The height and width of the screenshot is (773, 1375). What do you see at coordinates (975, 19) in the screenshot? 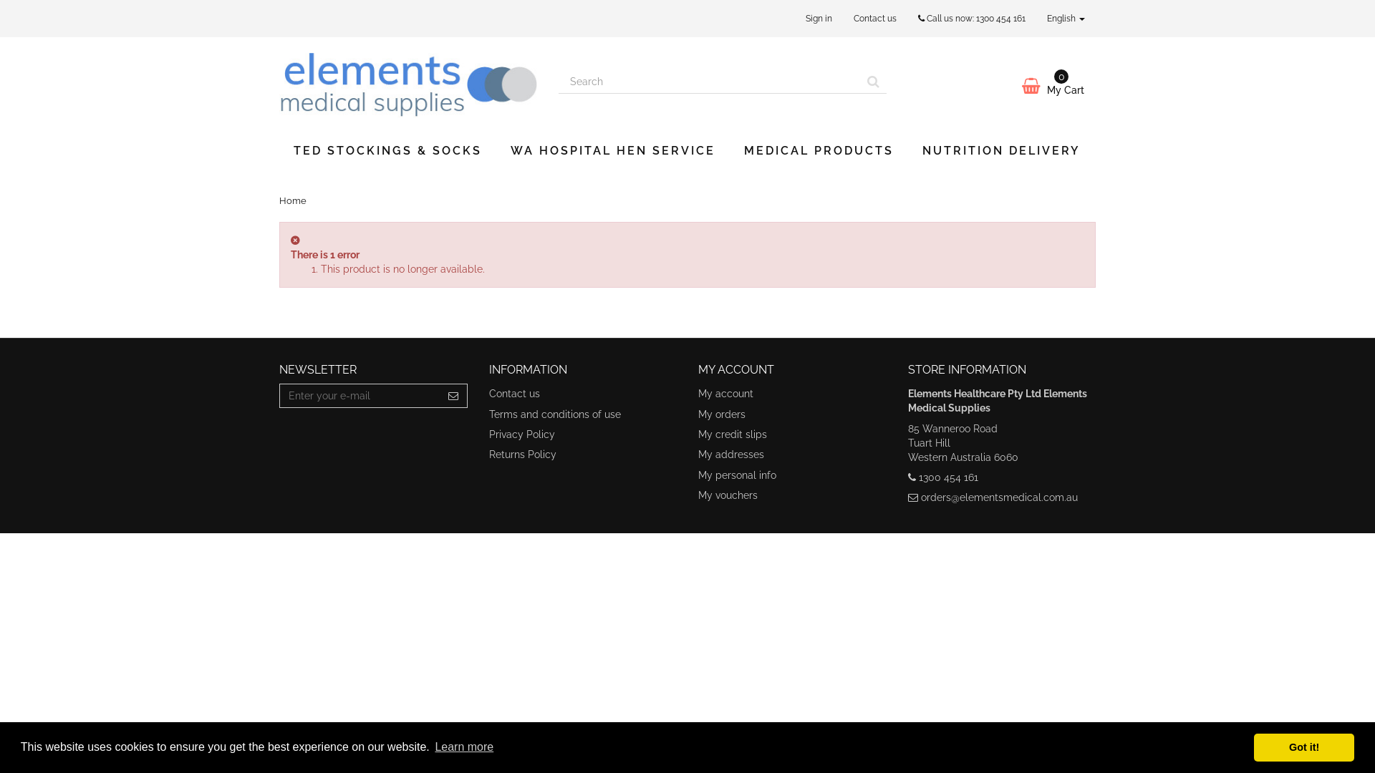
I see `'1300 454 161'` at bounding box center [975, 19].